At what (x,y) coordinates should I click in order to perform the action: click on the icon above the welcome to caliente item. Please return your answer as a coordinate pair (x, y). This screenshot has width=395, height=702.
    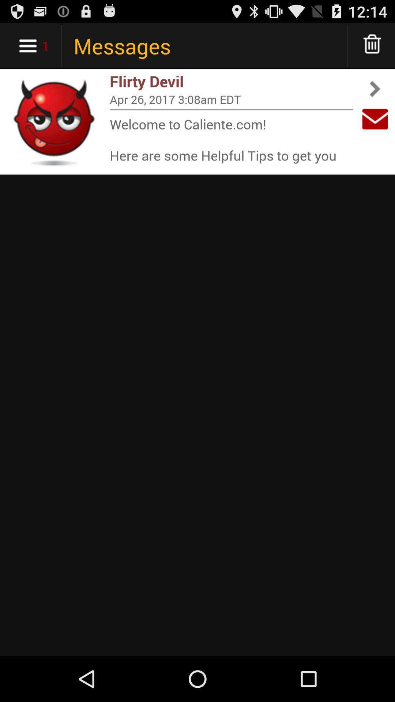
    Looking at the image, I should click on (231, 109).